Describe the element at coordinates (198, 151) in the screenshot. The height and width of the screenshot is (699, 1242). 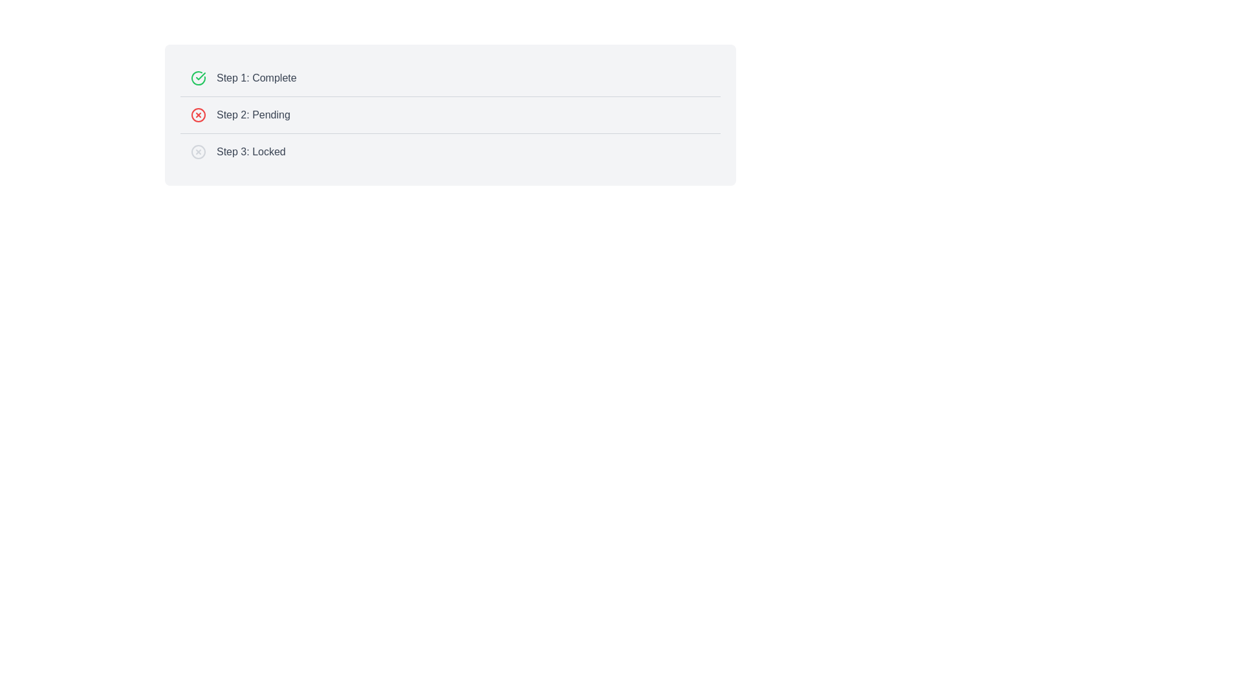
I see `the outermost circle of the lock graphic next to the text 'Step 3: Locked'` at that location.